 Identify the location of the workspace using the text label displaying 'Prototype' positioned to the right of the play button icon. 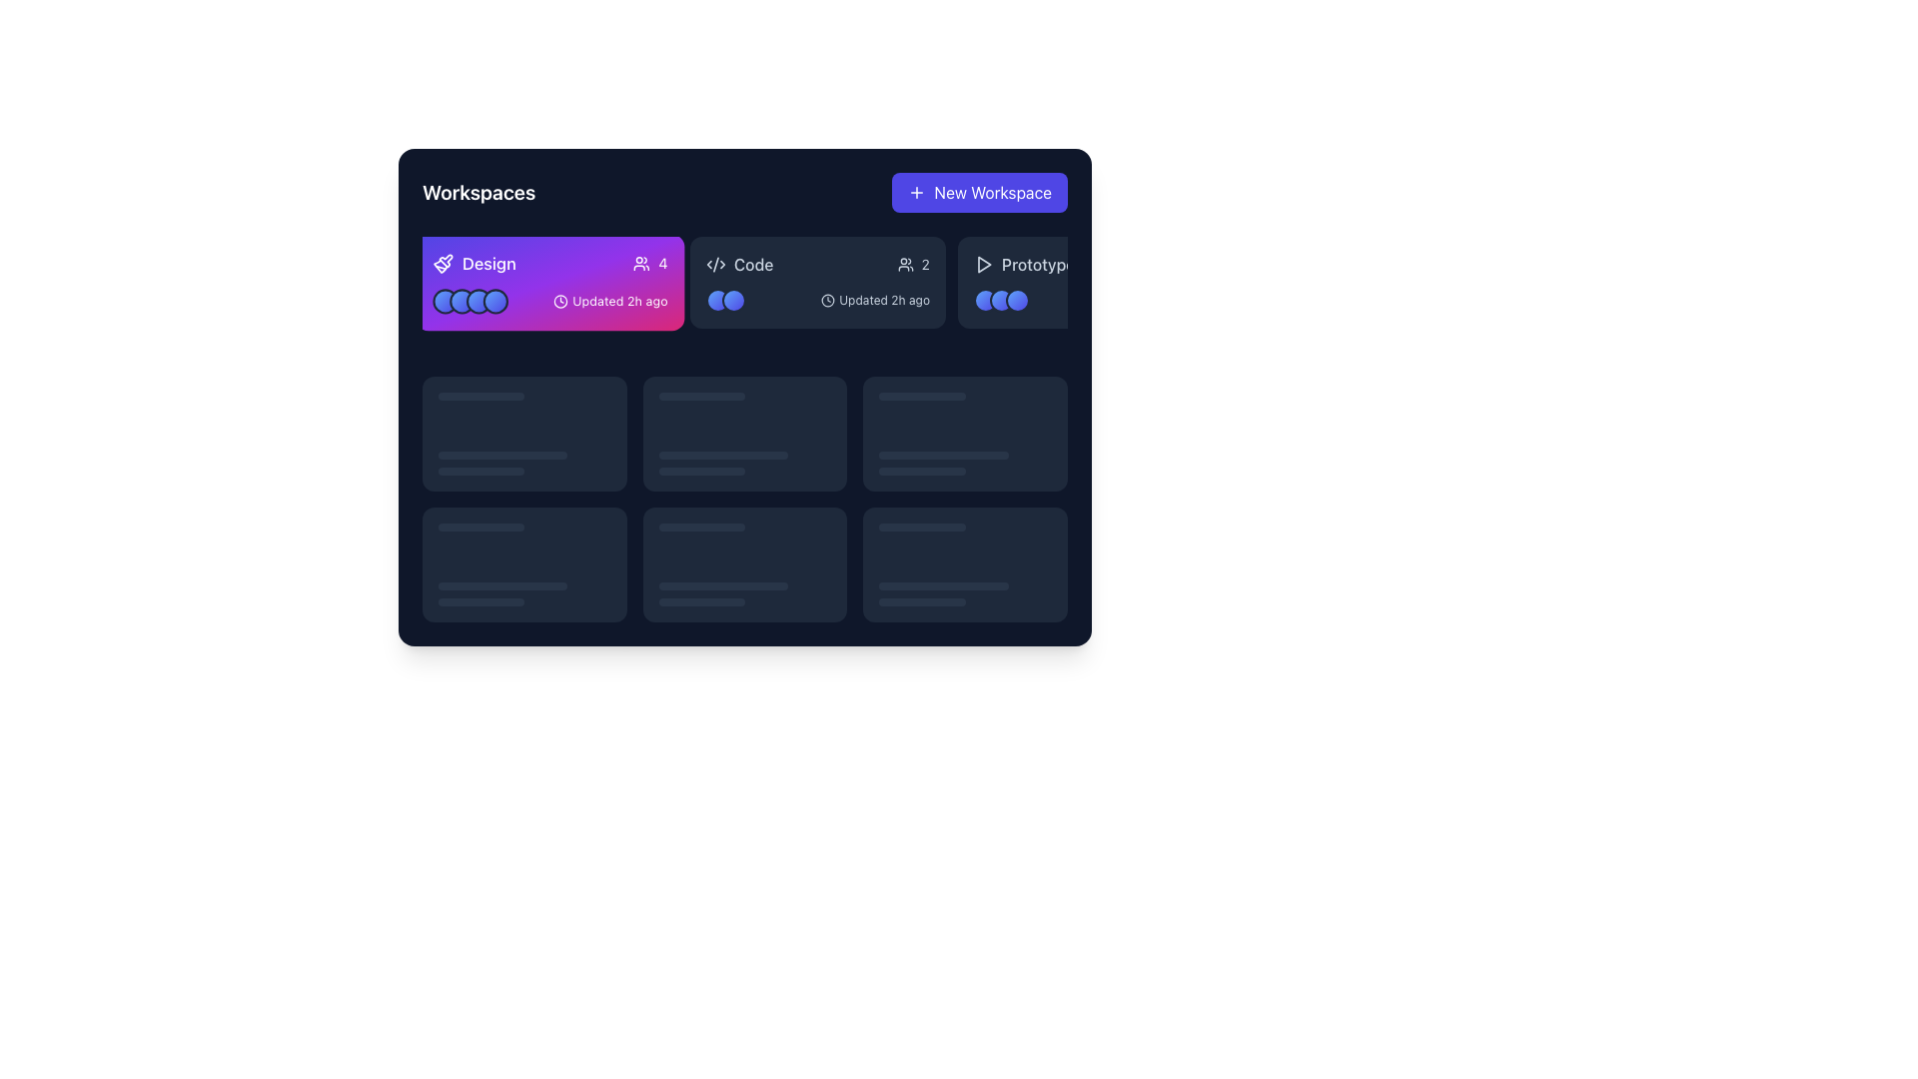
(1038, 264).